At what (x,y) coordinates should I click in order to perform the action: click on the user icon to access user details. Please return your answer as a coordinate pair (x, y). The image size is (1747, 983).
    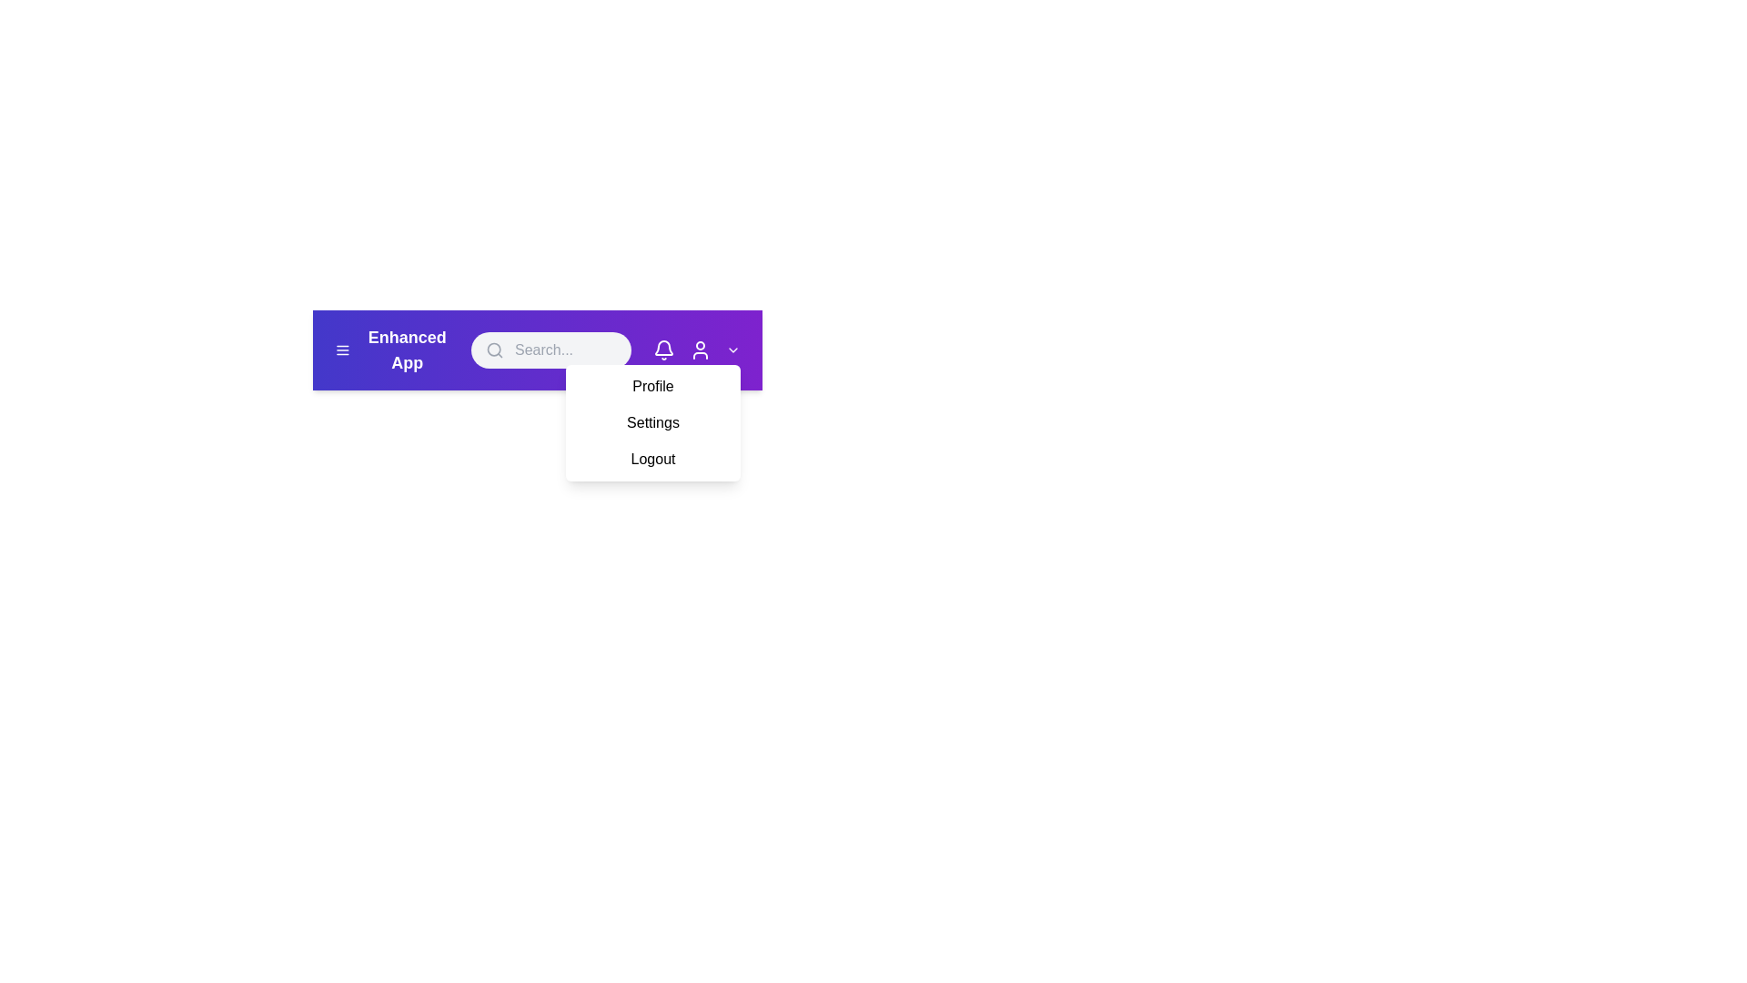
    Looking at the image, I should click on (699, 350).